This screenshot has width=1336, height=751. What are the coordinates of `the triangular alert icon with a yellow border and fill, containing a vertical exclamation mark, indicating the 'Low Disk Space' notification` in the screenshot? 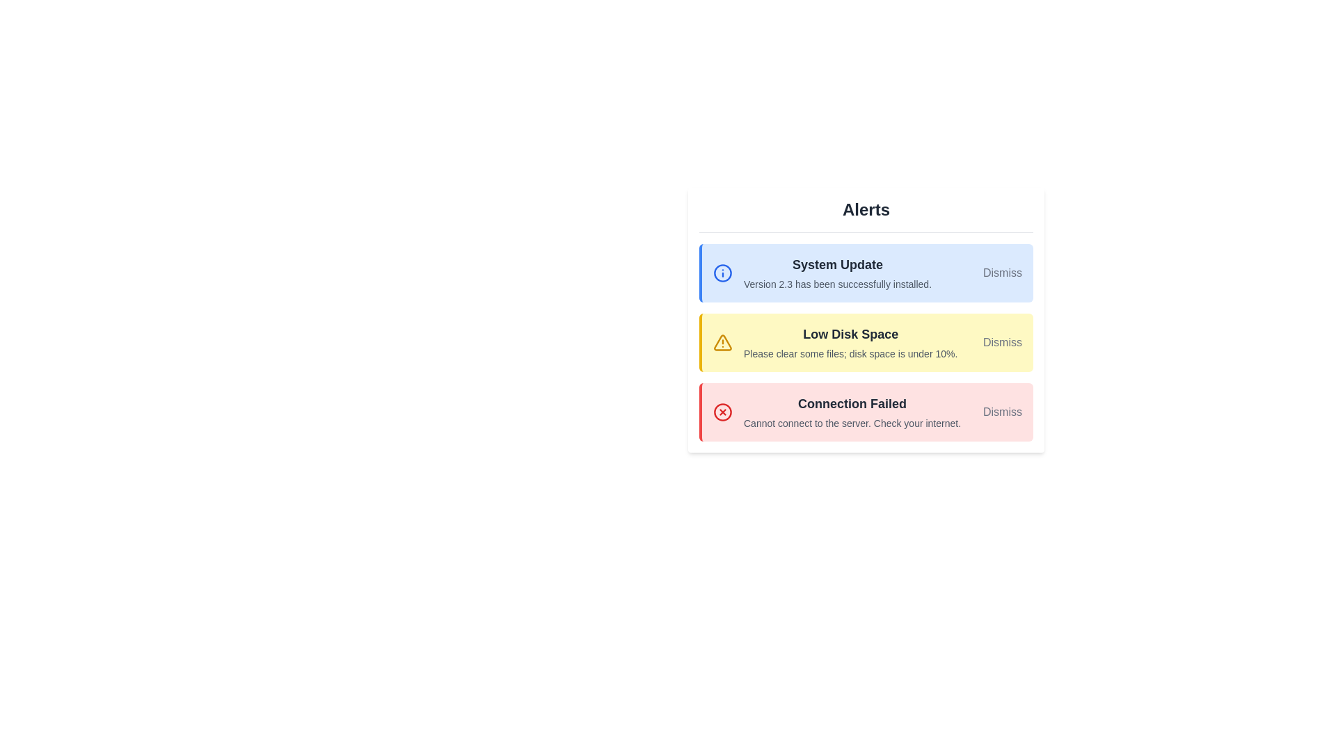 It's located at (722, 343).